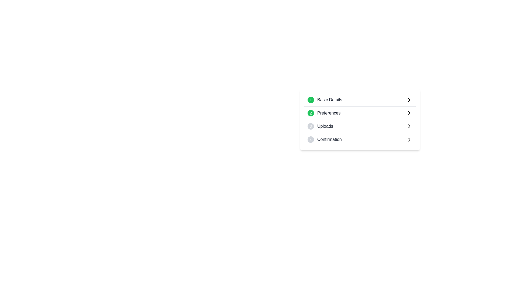  I want to click on the second step indicator marking the 'Preferences' step in the multi-step process interface, so click(311, 113).